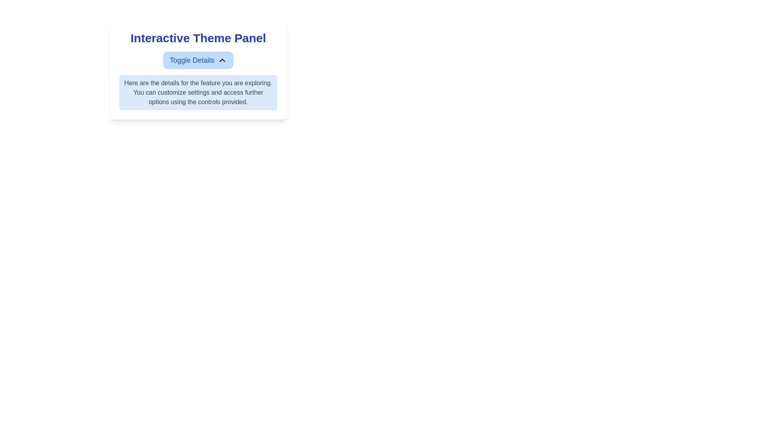 Image resolution: width=757 pixels, height=426 pixels. I want to click on the toggle button for showing or hiding additional details in the Interactive Theme Panel, so click(198, 60).